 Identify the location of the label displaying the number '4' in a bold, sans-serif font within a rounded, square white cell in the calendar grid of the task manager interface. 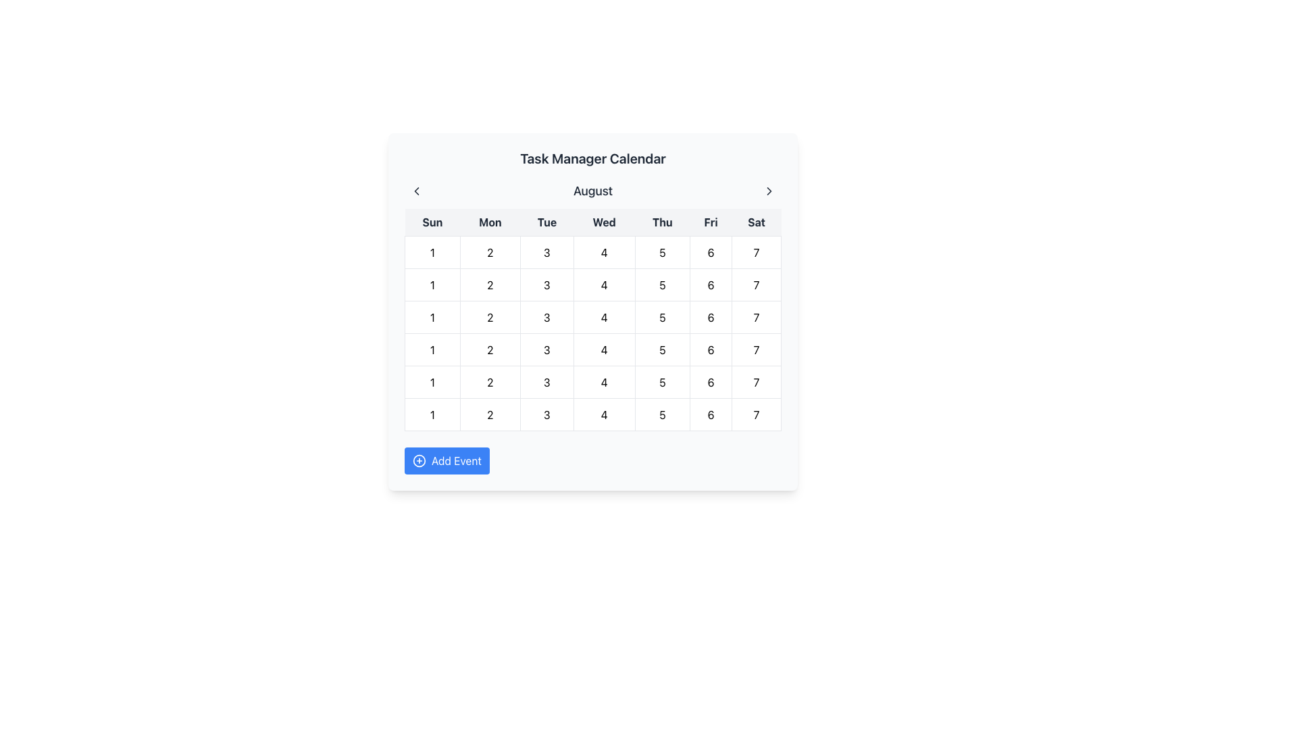
(603, 349).